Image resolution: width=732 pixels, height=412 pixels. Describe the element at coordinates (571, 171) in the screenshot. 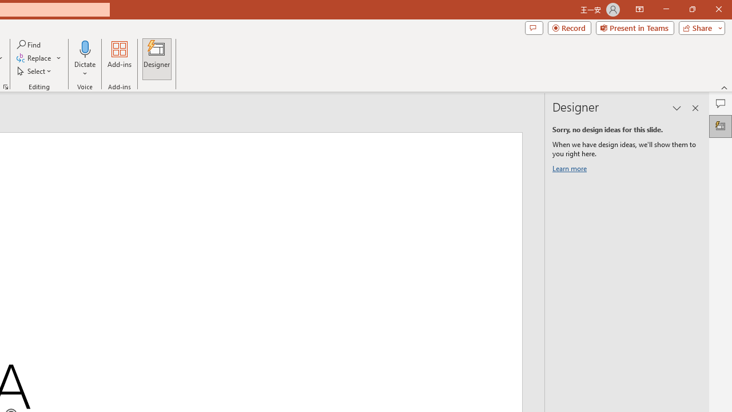

I see `'Learn more'` at that location.